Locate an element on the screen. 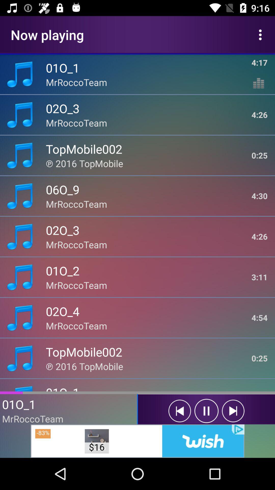 The image size is (275, 490). advertisement is located at coordinates (137, 441).